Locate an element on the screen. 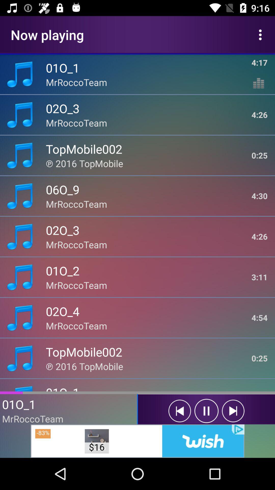 The image size is (275, 490). advertisement is located at coordinates (137, 441).